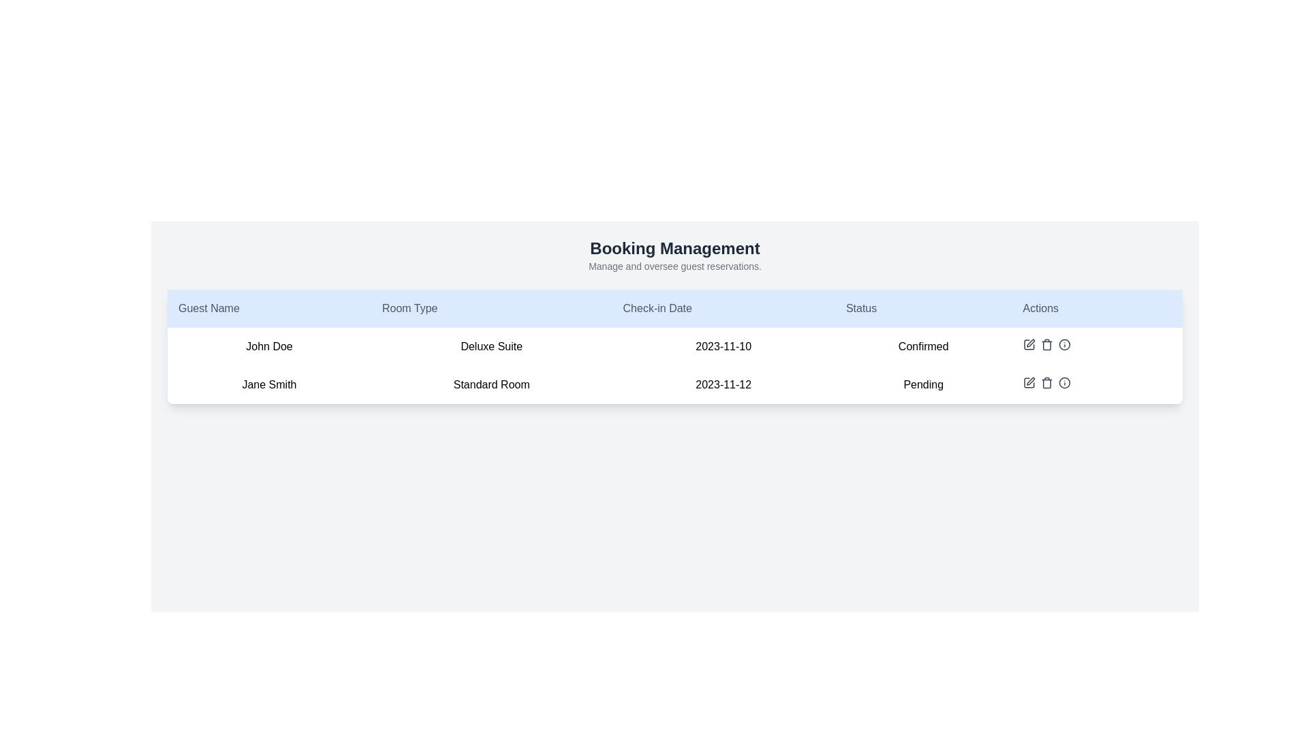 Image resolution: width=1308 pixels, height=736 pixels. What do you see at coordinates (1029, 383) in the screenshot?
I see `the editing icon located in the 'Actions' column of the second row in the table` at bounding box center [1029, 383].